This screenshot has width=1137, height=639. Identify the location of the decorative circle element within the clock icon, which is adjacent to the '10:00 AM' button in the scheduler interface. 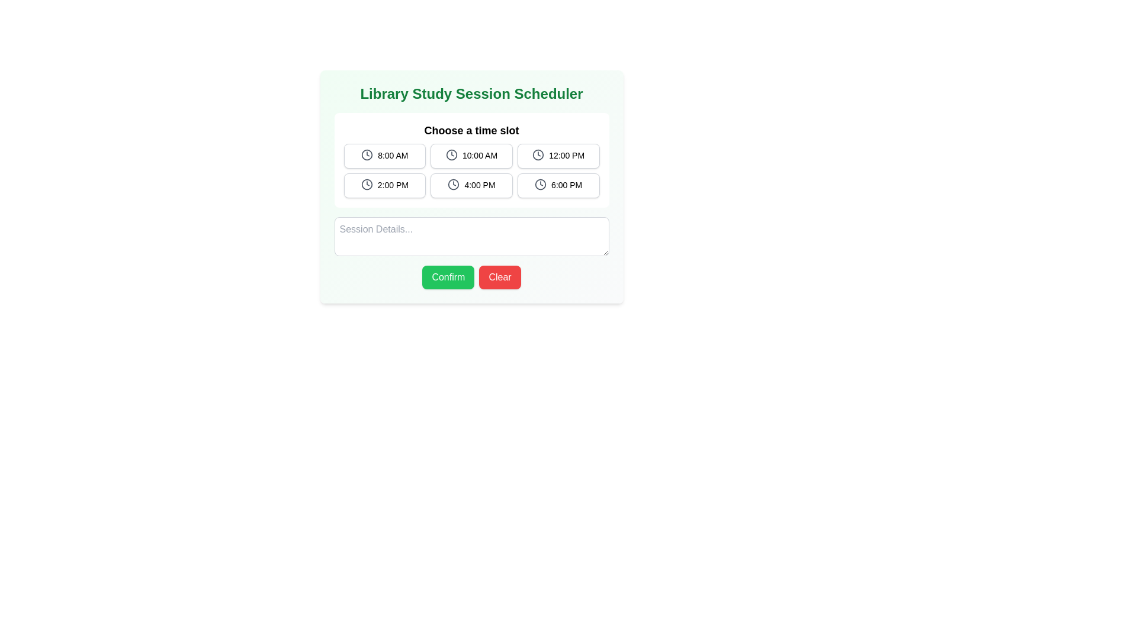
(451, 154).